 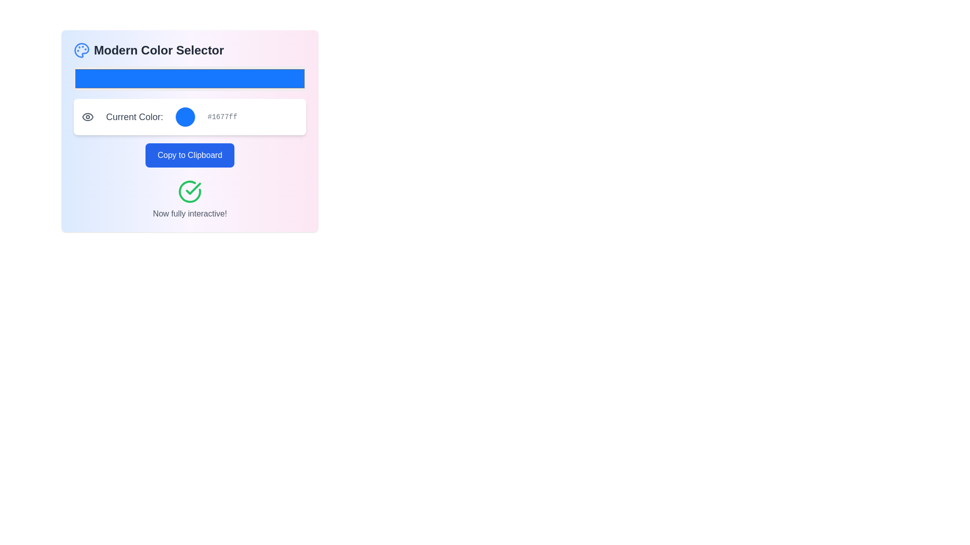 What do you see at coordinates (189, 101) in the screenshot?
I see `the Interactive color selection widget located below the title 'Modern Color Selector'` at bounding box center [189, 101].